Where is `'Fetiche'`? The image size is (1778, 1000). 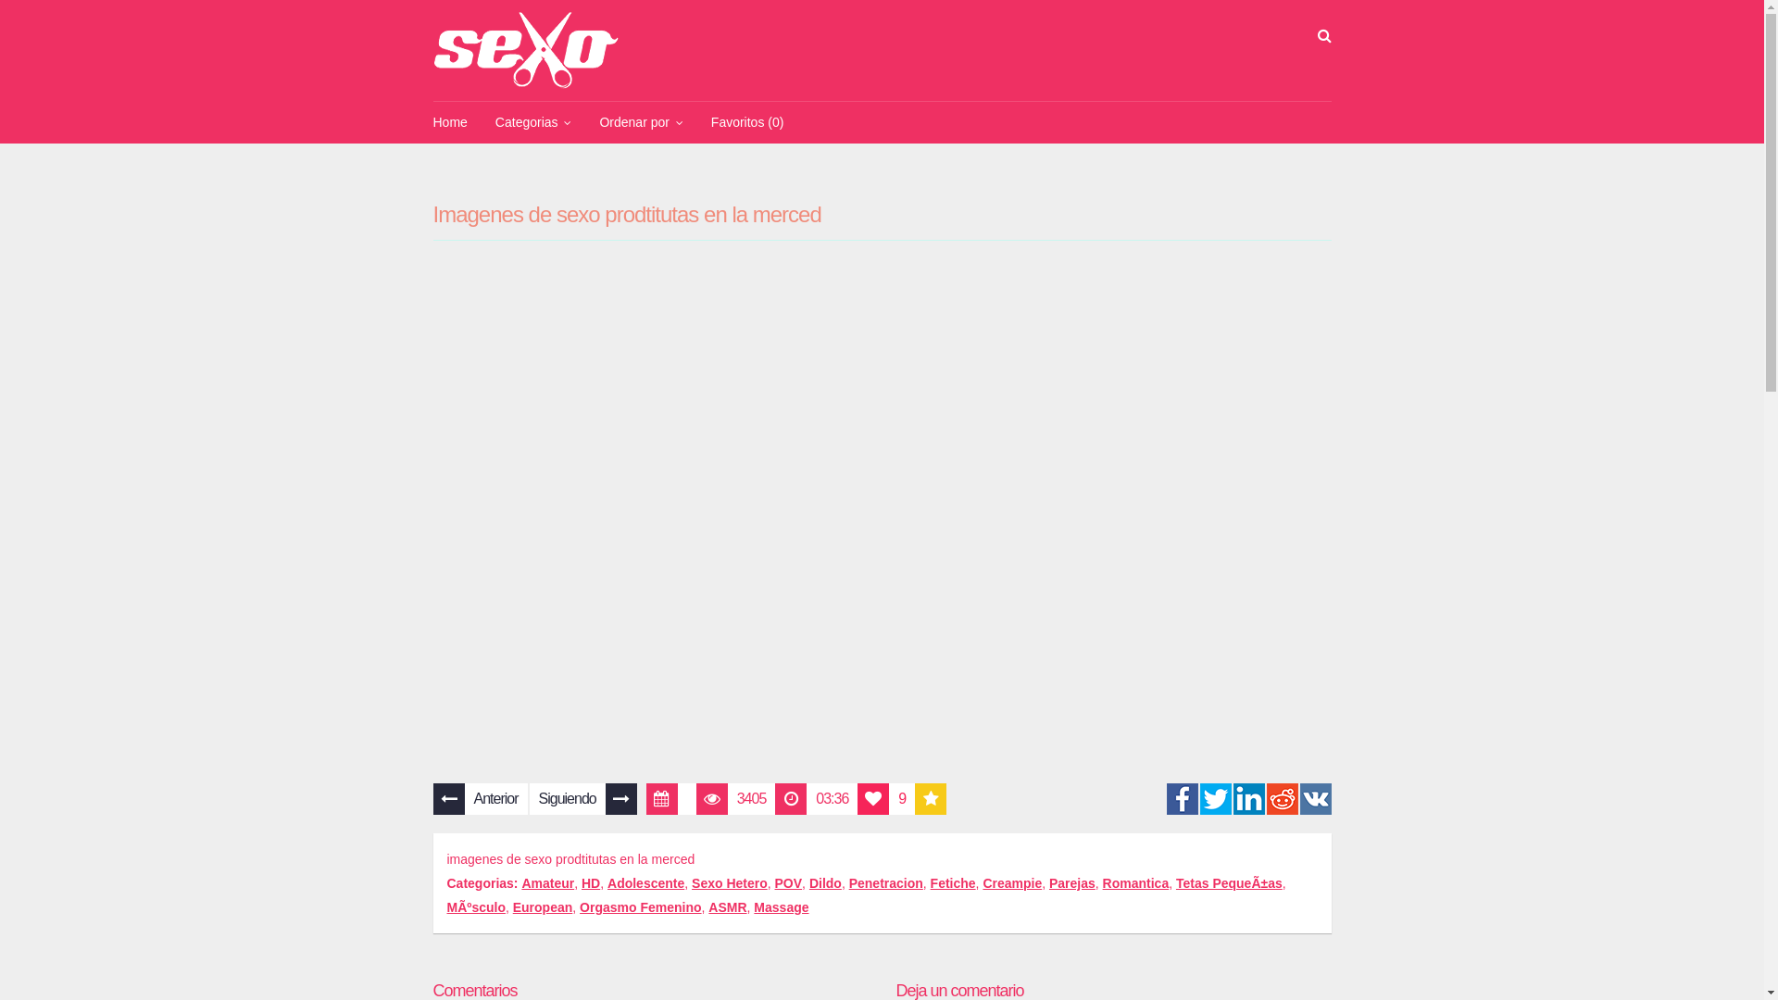
'Fetiche' is located at coordinates (953, 881).